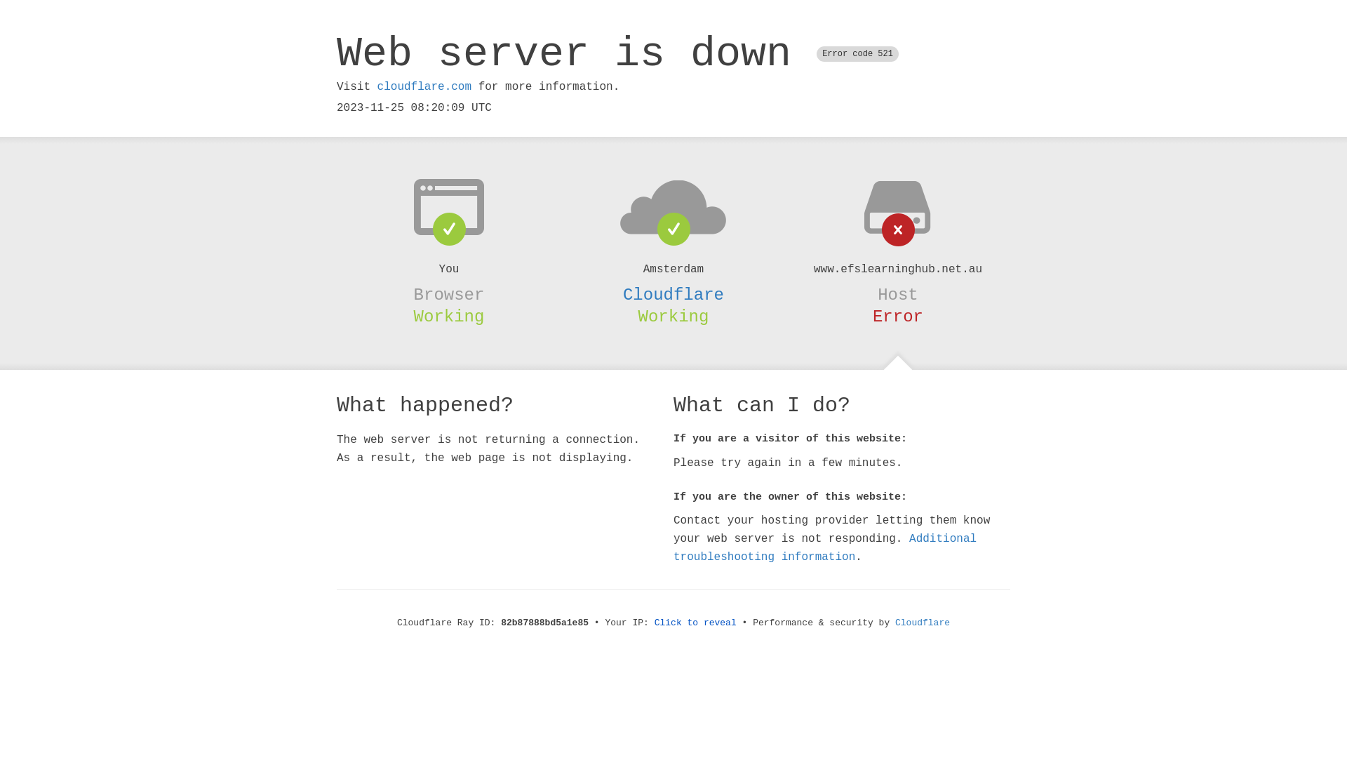 Image resolution: width=1347 pixels, height=758 pixels. What do you see at coordinates (377, 86) in the screenshot?
I see `'cloudflare.com'` at bounding box center [377, 86].